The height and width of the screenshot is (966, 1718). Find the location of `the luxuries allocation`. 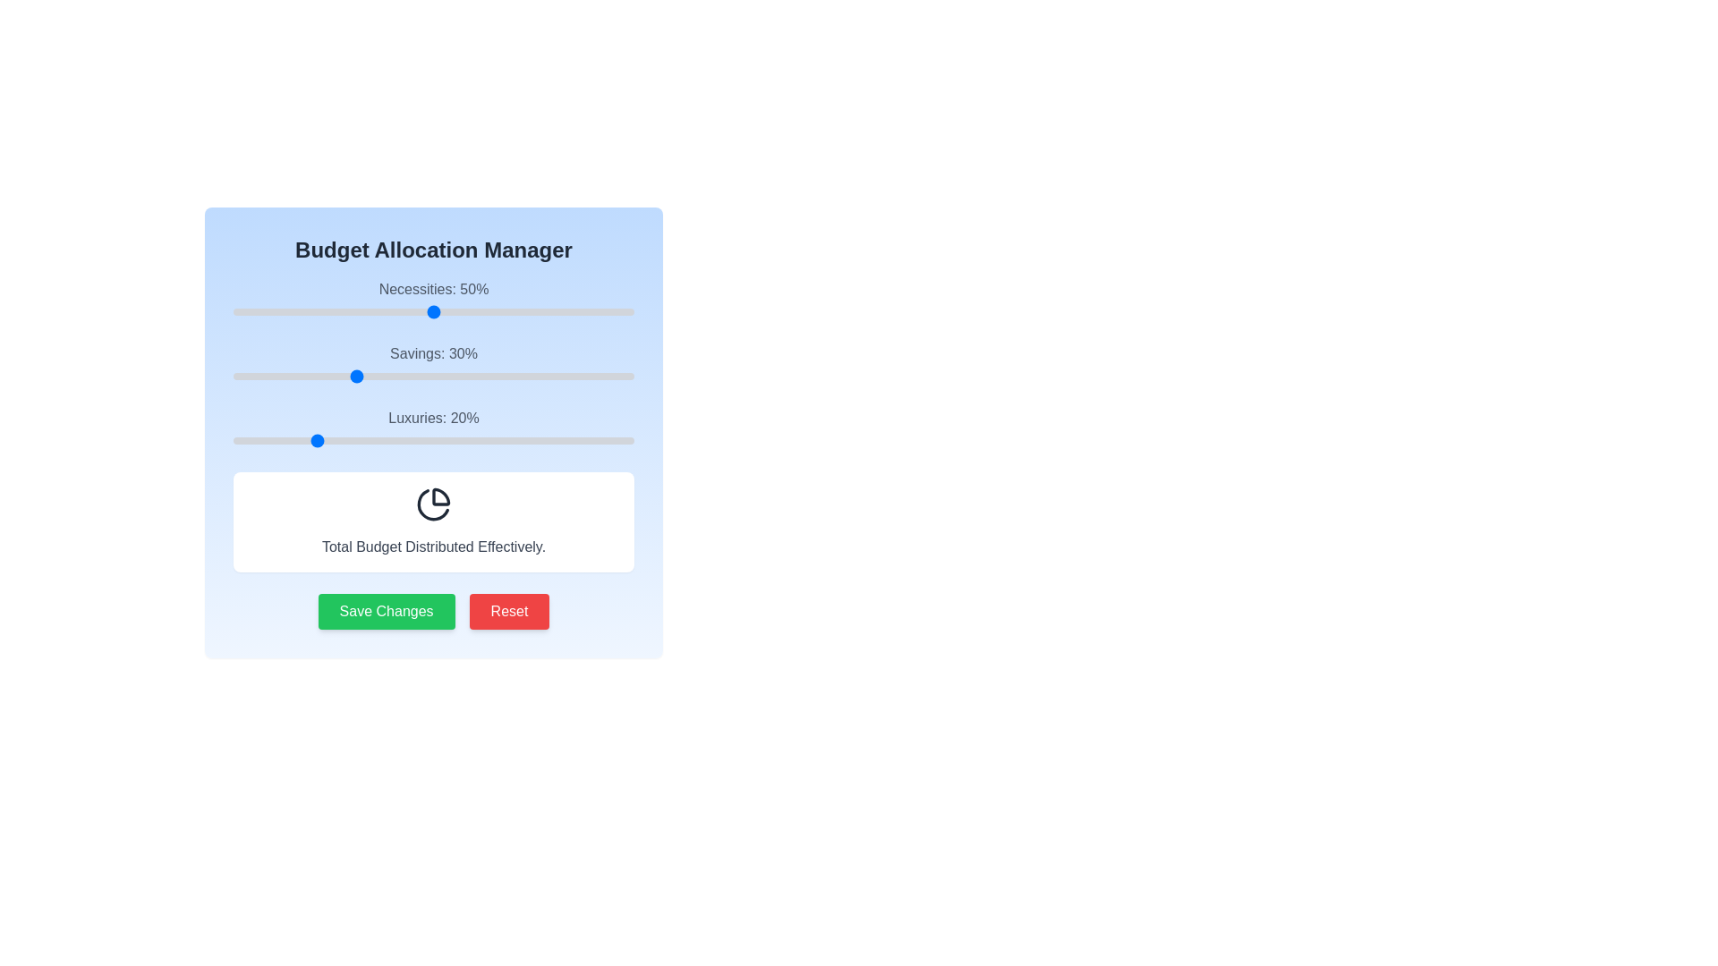

the luxuries allocation is located at coordinates (449, 441).